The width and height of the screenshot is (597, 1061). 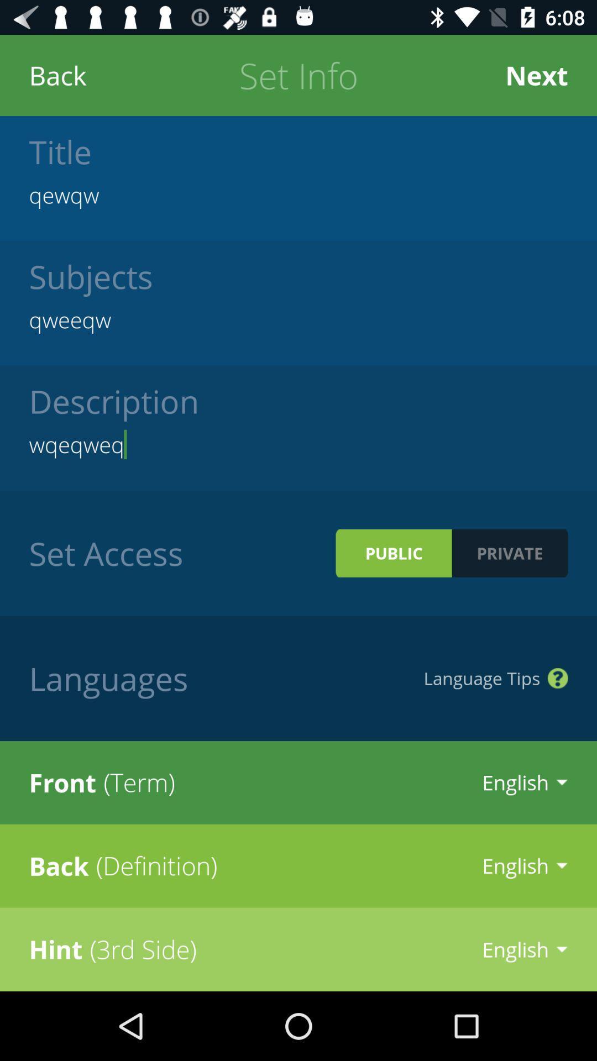 What do you see at coordinates (298, 195) in the screenshot?
I see `the icon above subjects icon` at bounding box center [298, 195].